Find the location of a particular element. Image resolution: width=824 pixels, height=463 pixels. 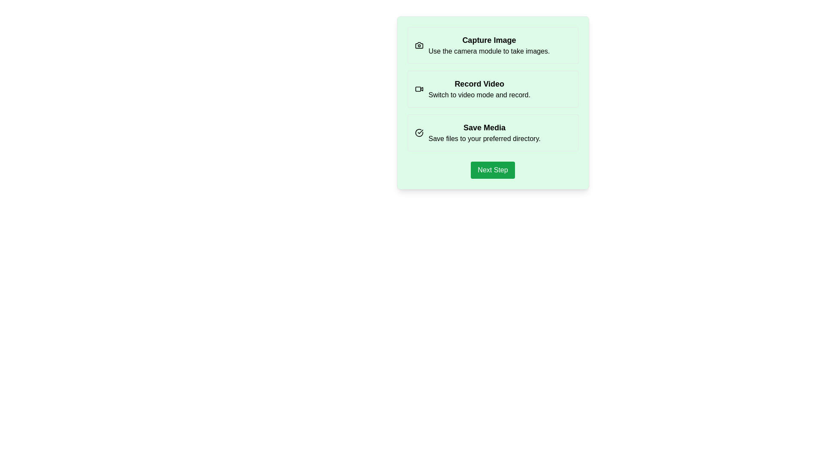

text on the video recording option in the Information panel, which is the second item in the vertical list of options located below 'Capture Image' and above 'Save Media' is located at coordinates (479, 89).